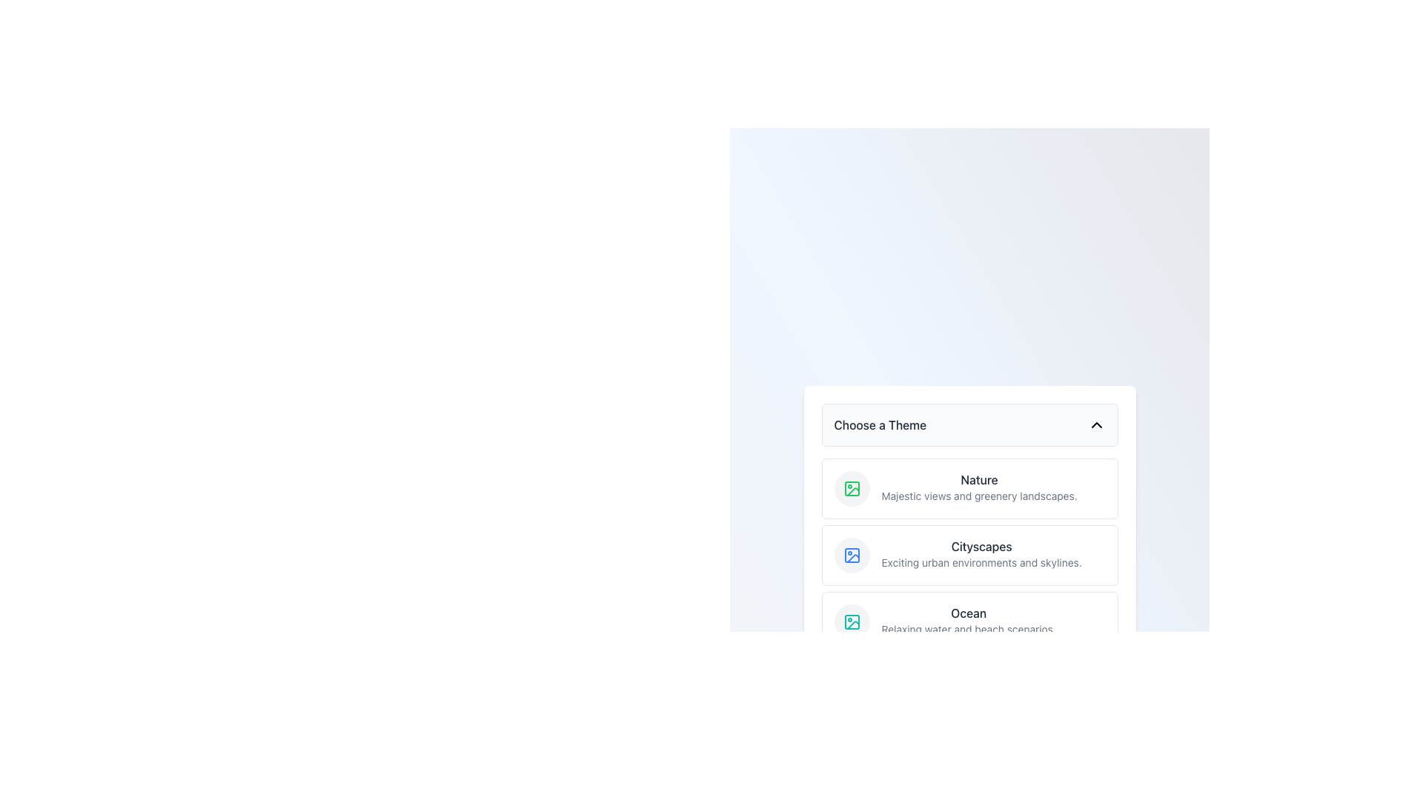  Describe the element at coordinates (969, 622) in the screenshot. I see `the 'Ocean' option selection item, which is the third item in a vertically stacked list of themed options` at that location.